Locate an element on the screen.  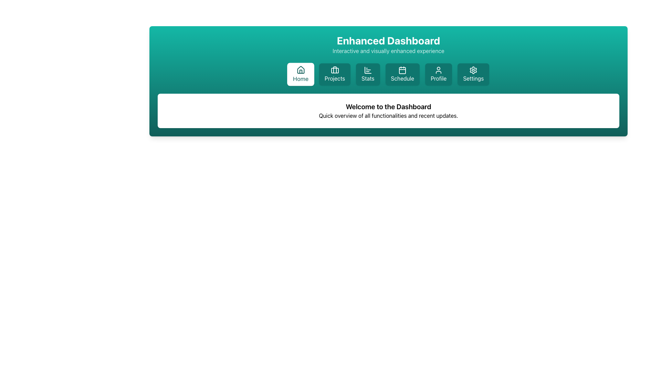
the 'Settings' icon located at the top right of the menu bar, which serves as a visual indicator for managing application settings is located at coordinates (473, 70).